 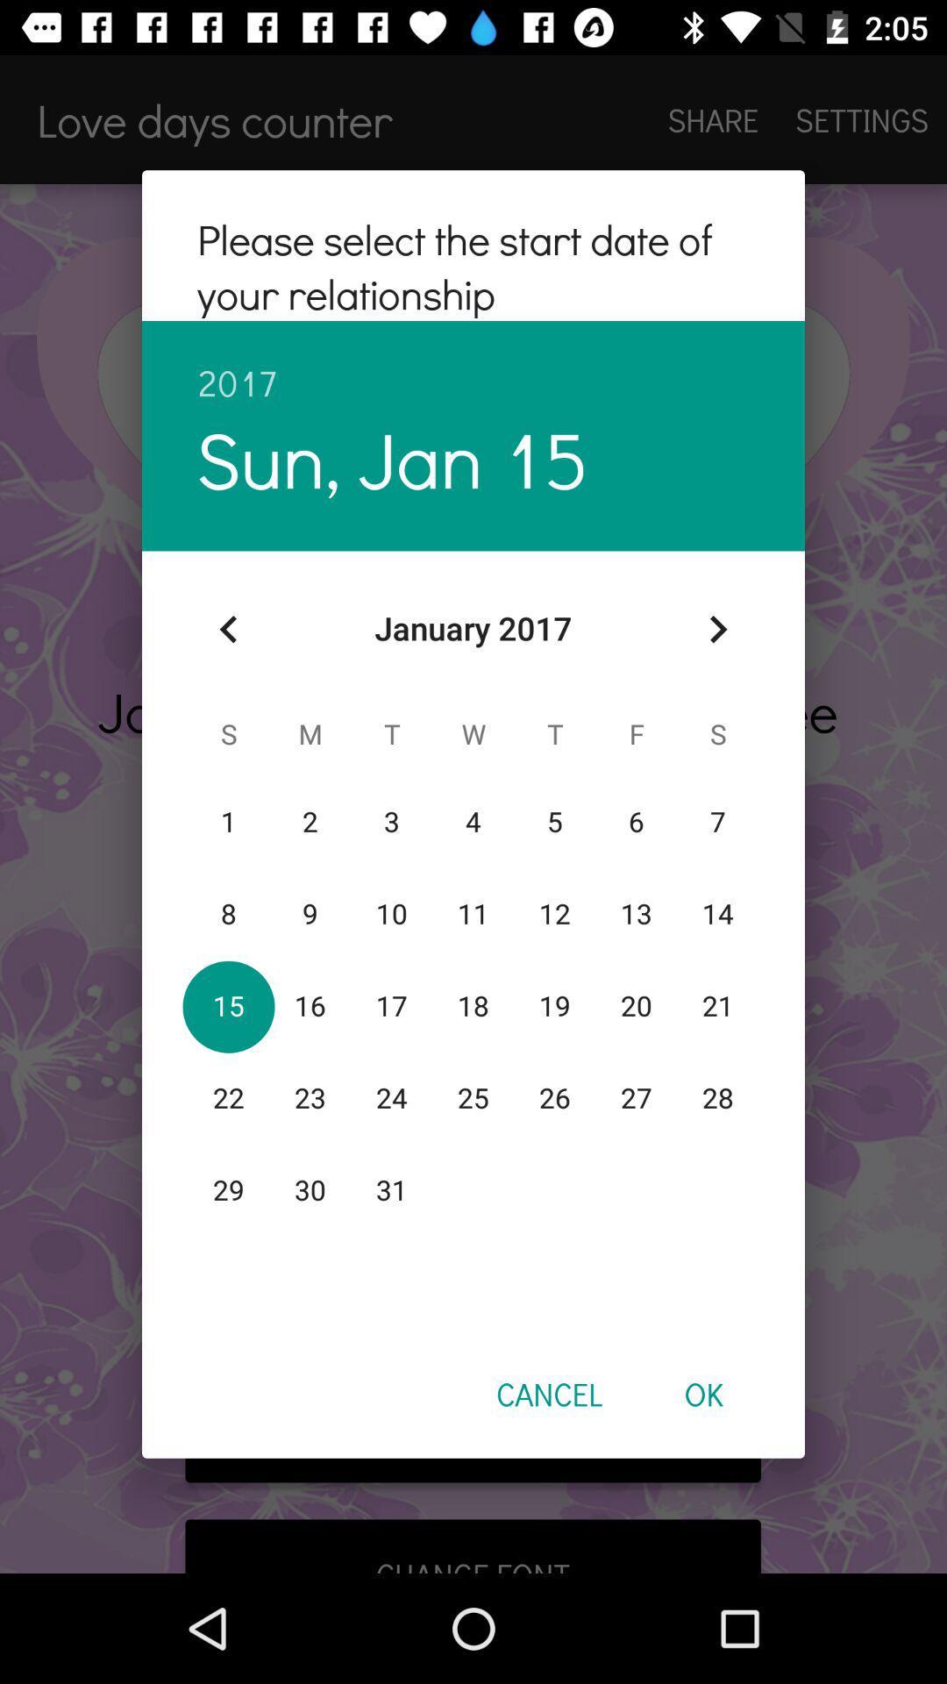 I want to click on item below 2017, so click(x=392, y=458).